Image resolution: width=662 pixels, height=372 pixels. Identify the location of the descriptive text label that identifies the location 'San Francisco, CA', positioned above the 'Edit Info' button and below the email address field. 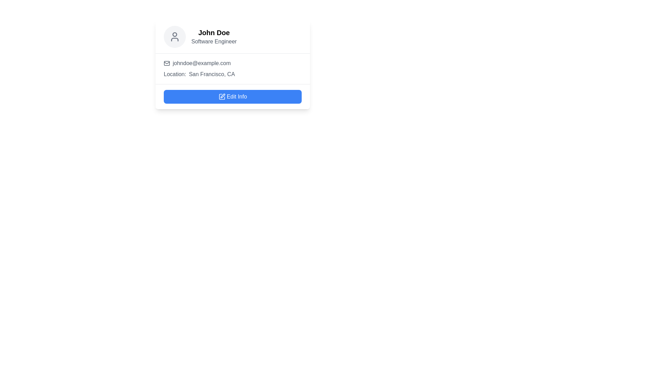
(175, 74).